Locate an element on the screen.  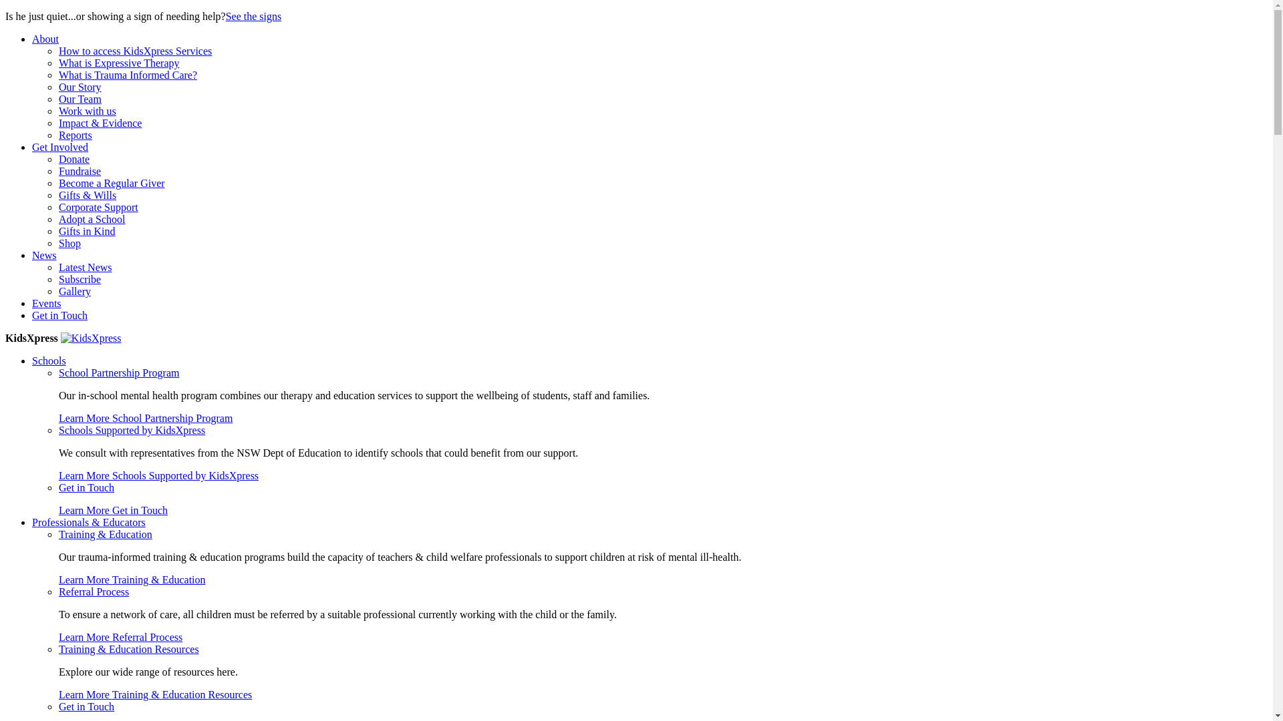
'Work with us' is located at coordinates (57, 110).